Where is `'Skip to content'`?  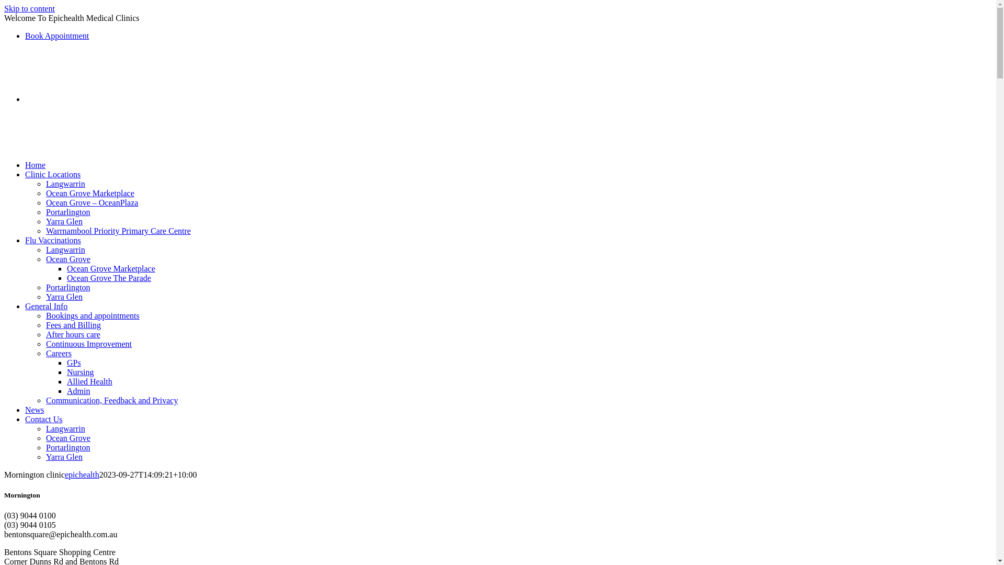
'Skip to content' is located at coordinates (29, 8).